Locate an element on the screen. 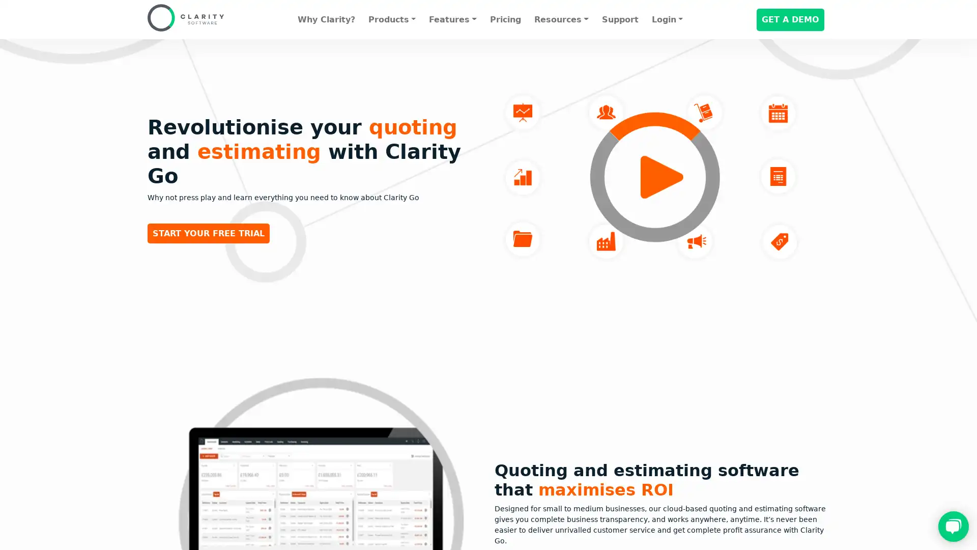  Login is located at coordinates (667, 19).